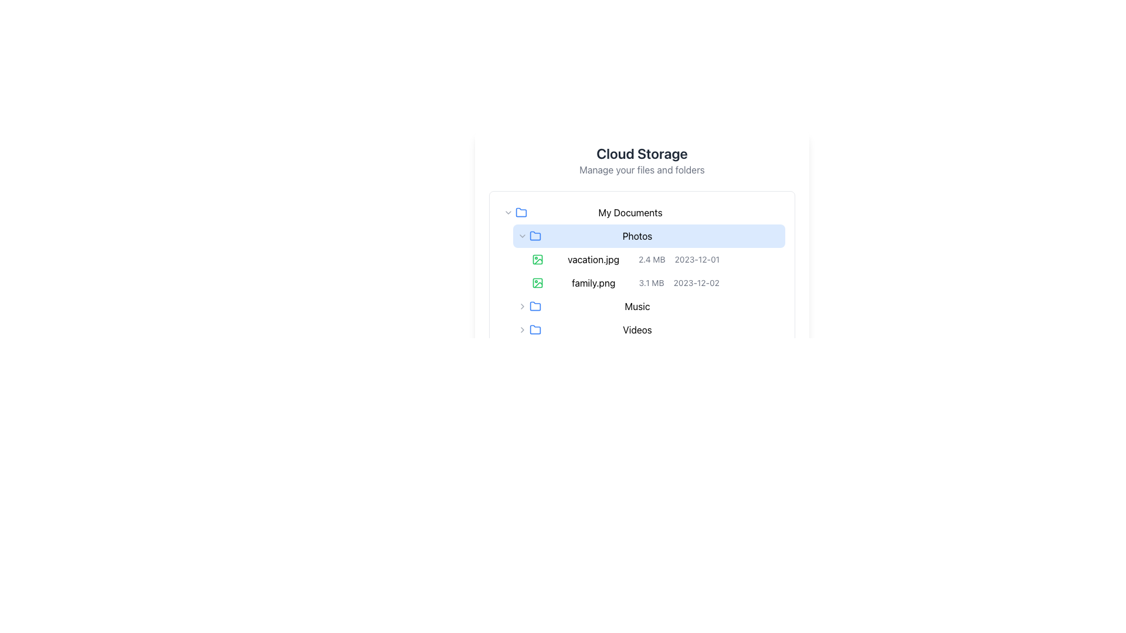 This screenshot has width=1126, height=633. Describe the element at coordinates (649, 330) in the screenshot. I see `the Folder label with an associated icon` at that location.